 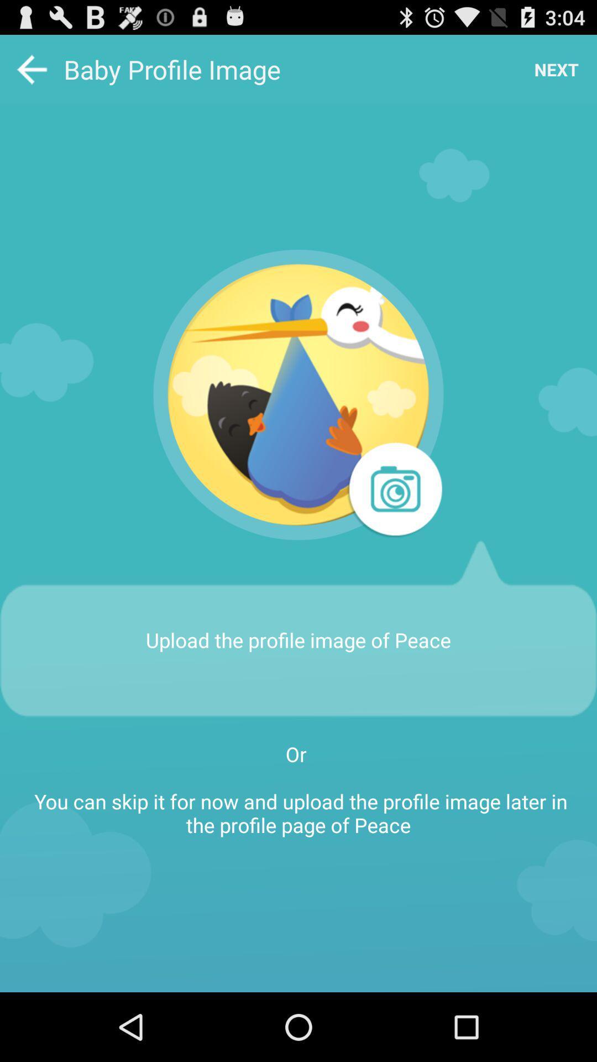 I want to click on the app below baby profile image app, so click(x=298, y=395).